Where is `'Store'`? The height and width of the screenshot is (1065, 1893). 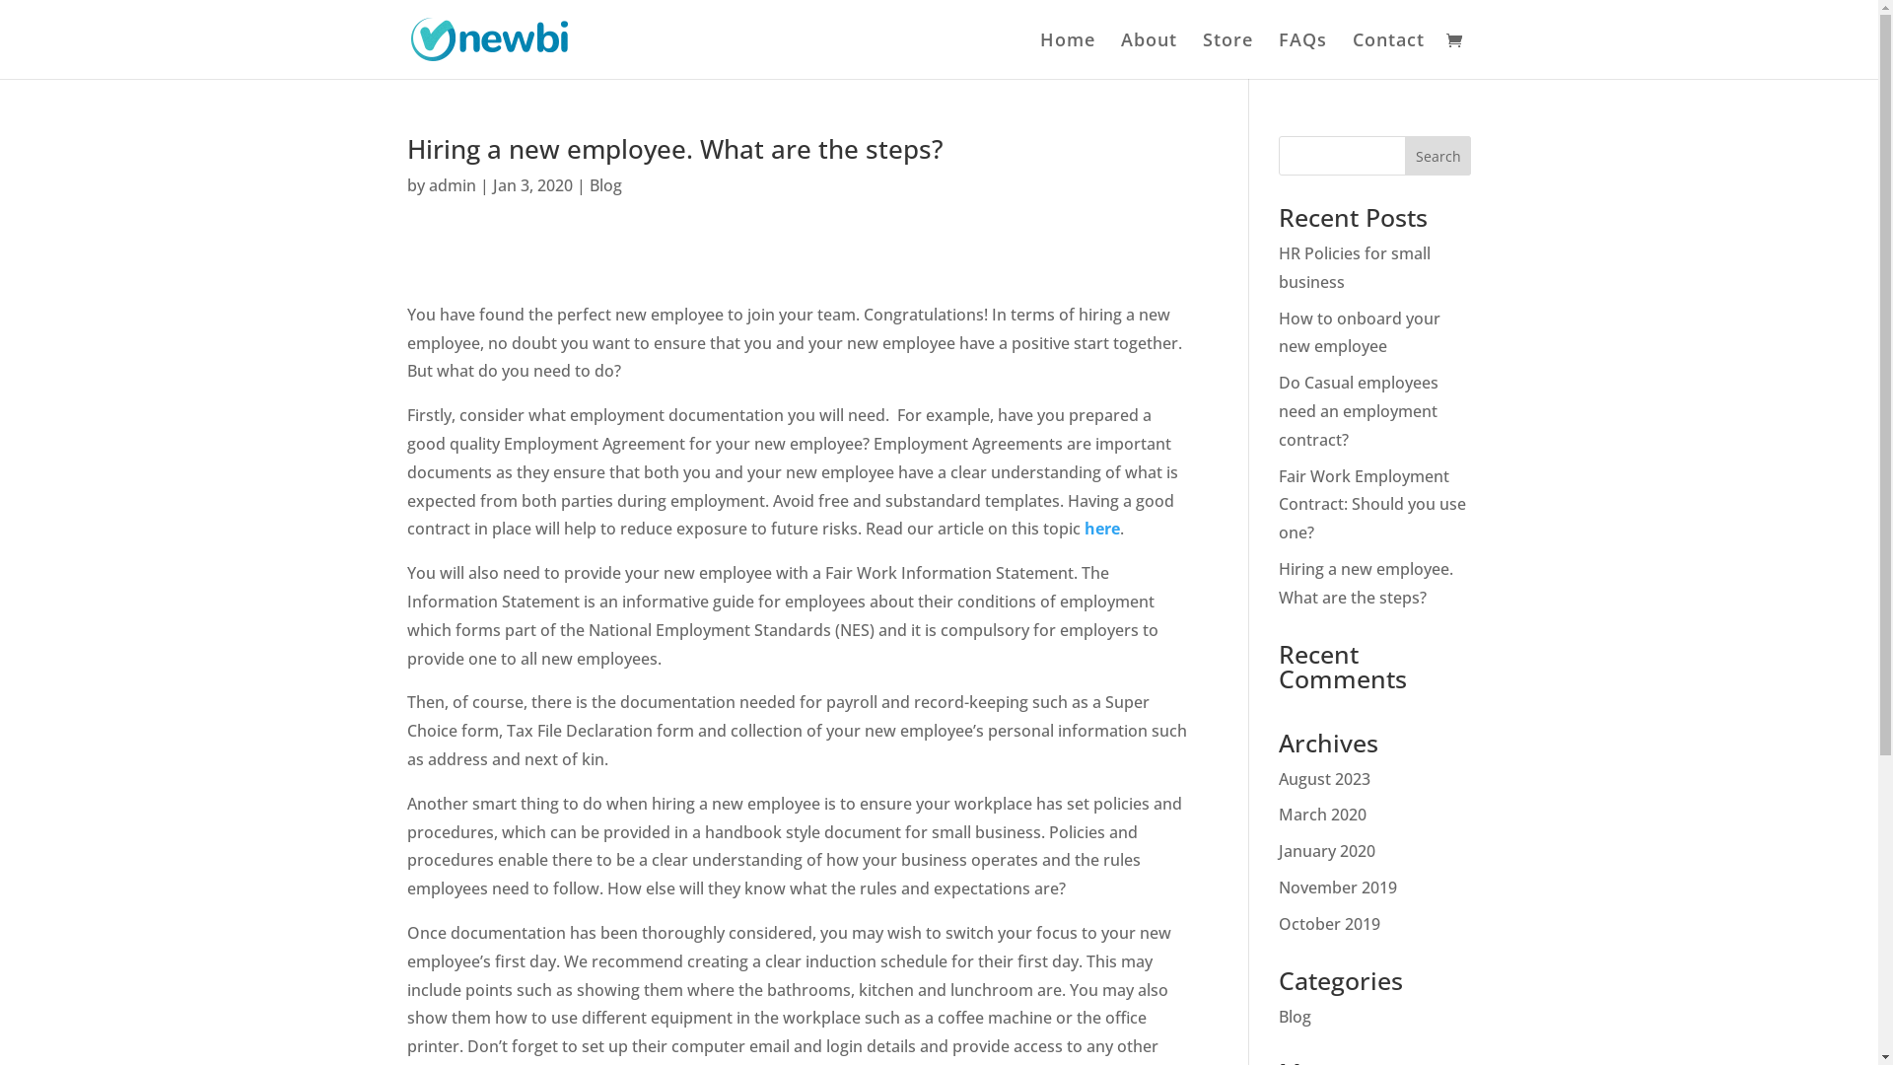 'Store' is located at coordinates (1201, 54).